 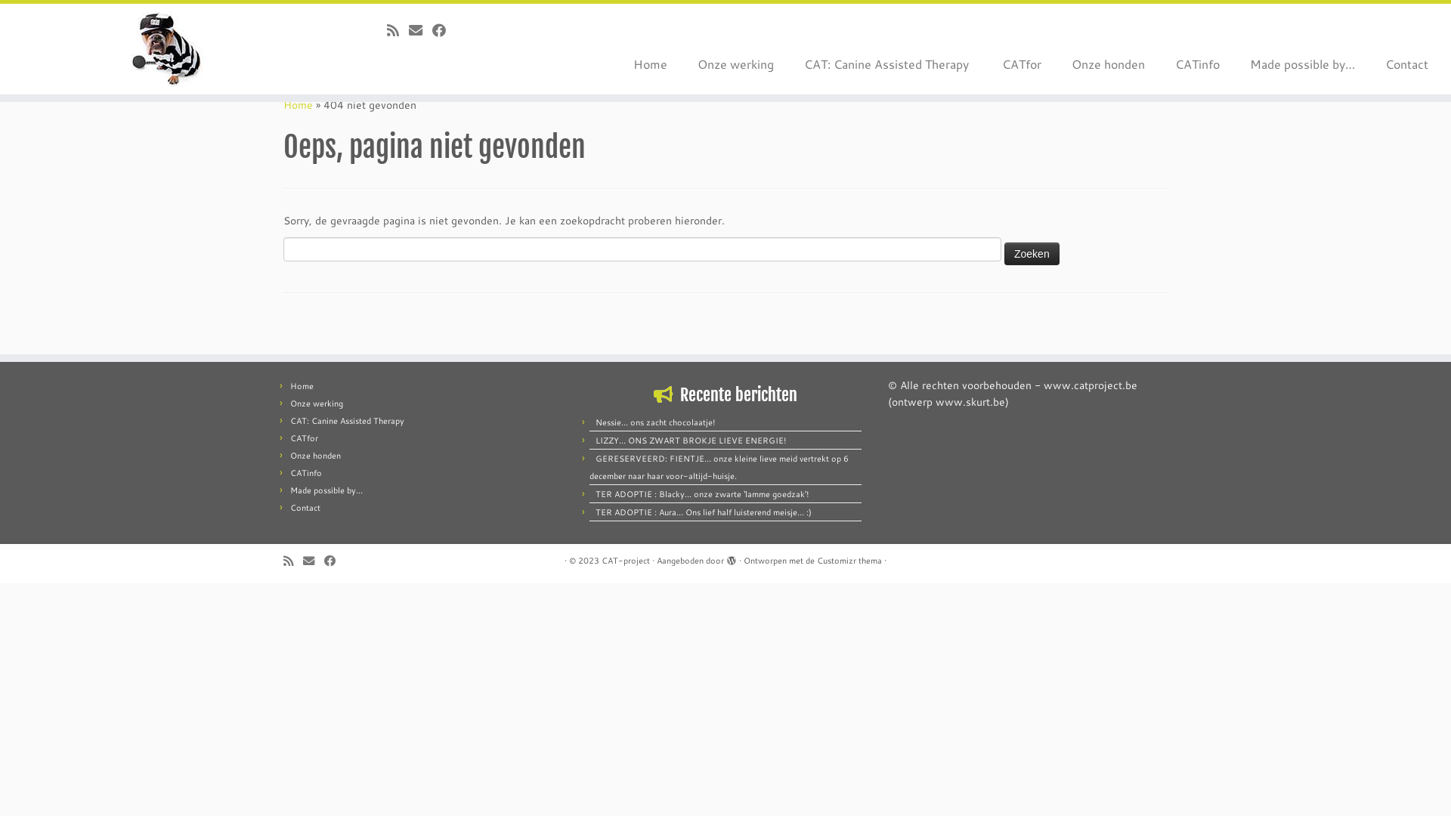 What do you see at coordinates (298, 104) in the screenshot?
I see `'Home'` at bounding box center [298, 104].